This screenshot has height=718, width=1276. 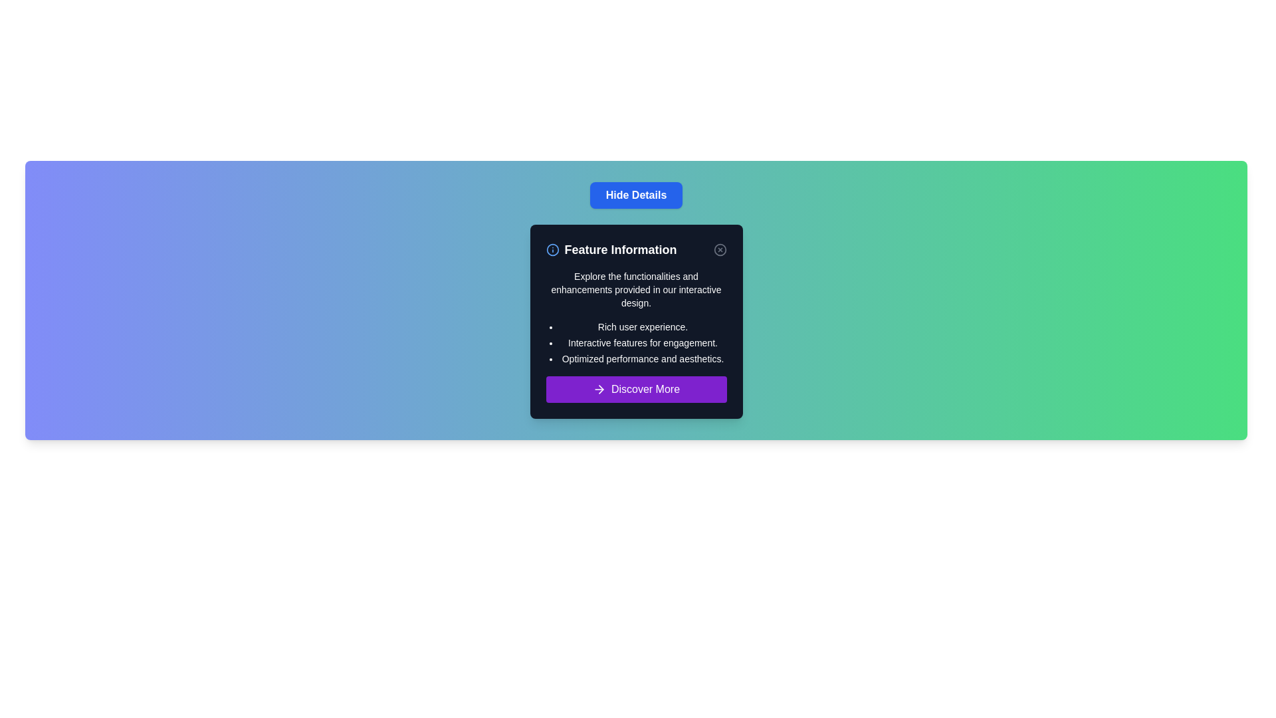 What do you see at coordinates (552, 249) in the screenshot?
I see `the informational content icon located in the header of the 'Feature Information' section` at bounding box center [552, 249].